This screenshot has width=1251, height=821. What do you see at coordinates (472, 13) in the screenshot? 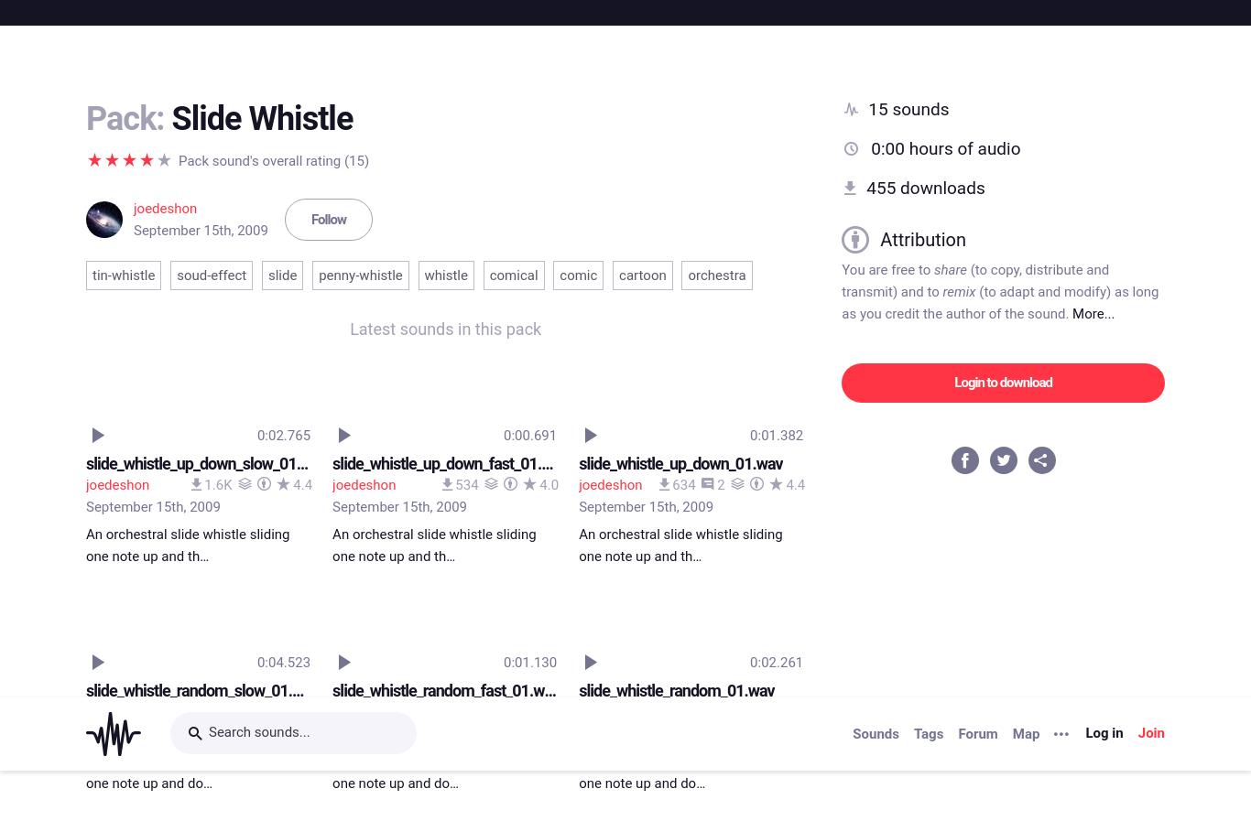
I see `'1'` at bounding box center [472, 13].